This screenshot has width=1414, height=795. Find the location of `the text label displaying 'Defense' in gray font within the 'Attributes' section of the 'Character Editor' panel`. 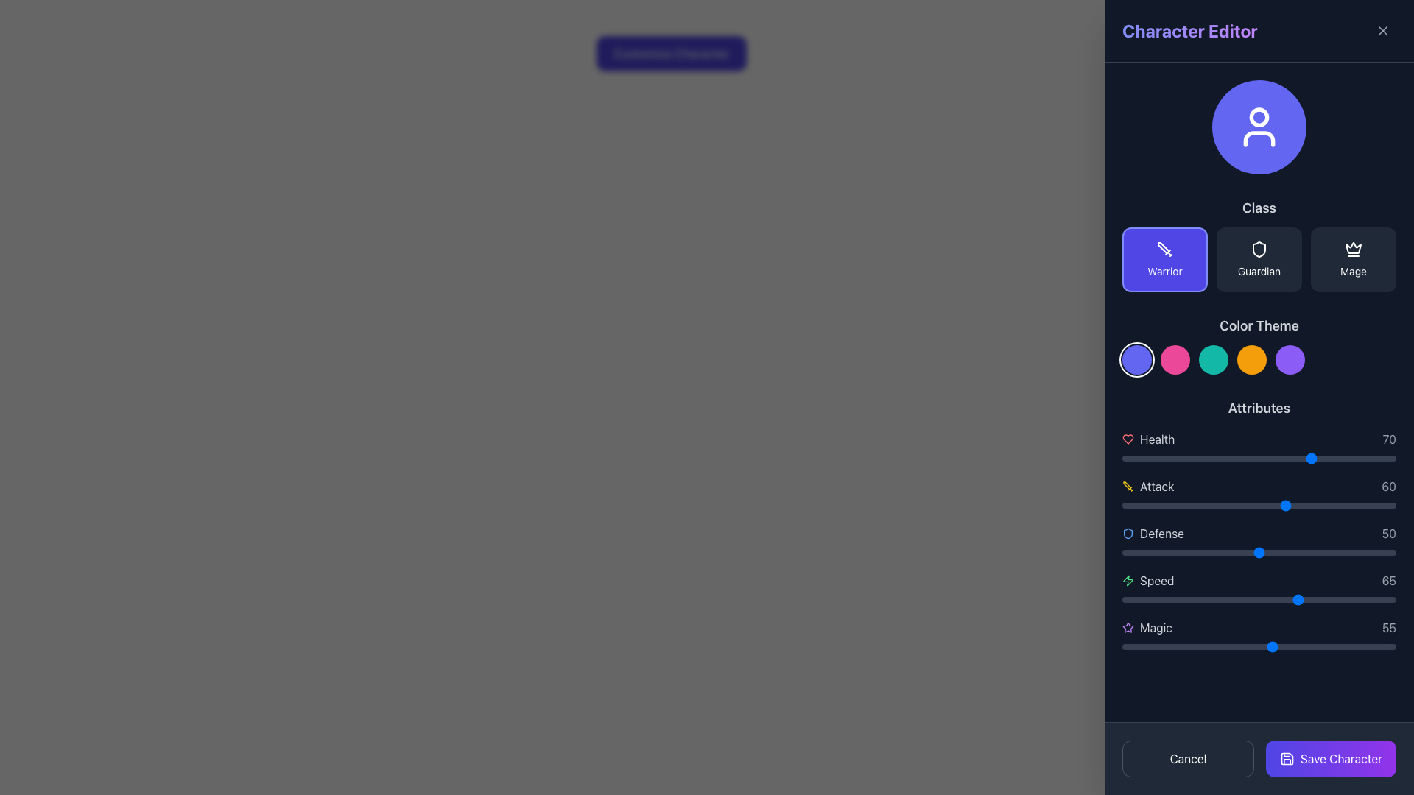

the text label displaying 'Defense' in gray font within the 'Attributes' section of the 'Character Editor' panel is located at coordinates (1161, 534).